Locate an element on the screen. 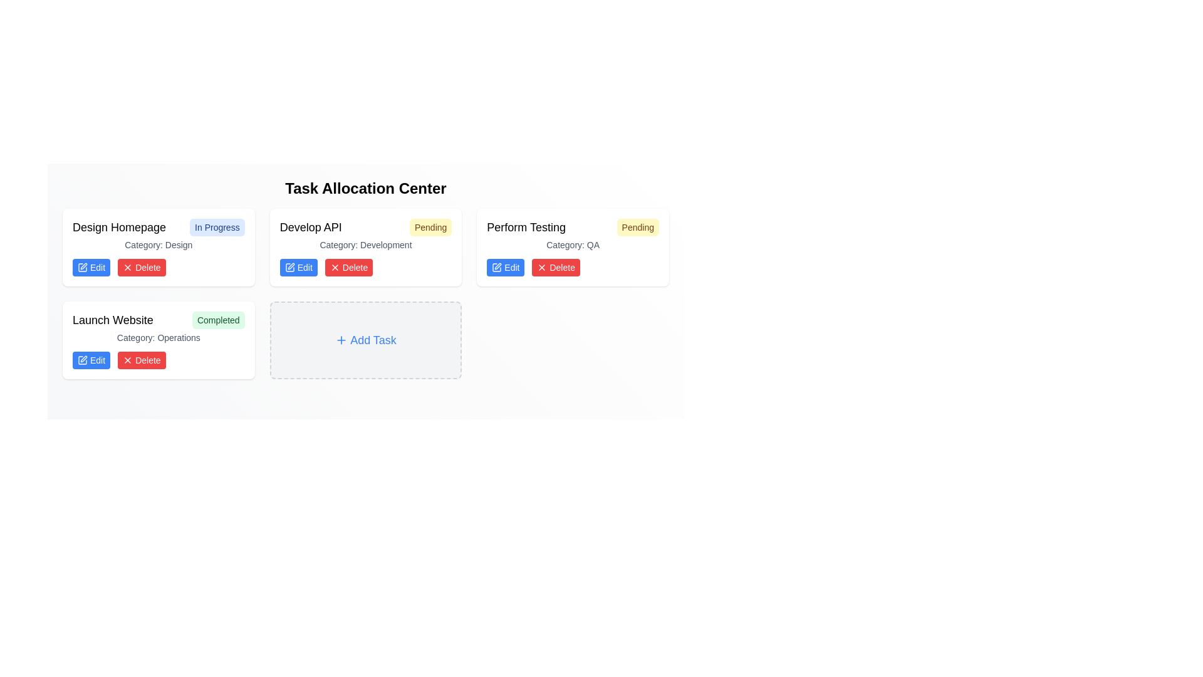 The image size is (1203, 677). the delete icon embedded within the SVG of the 'Delete' button in the 'Launch Website' task card to potentially reveal a tooltip is located at coordinates (128, 267).